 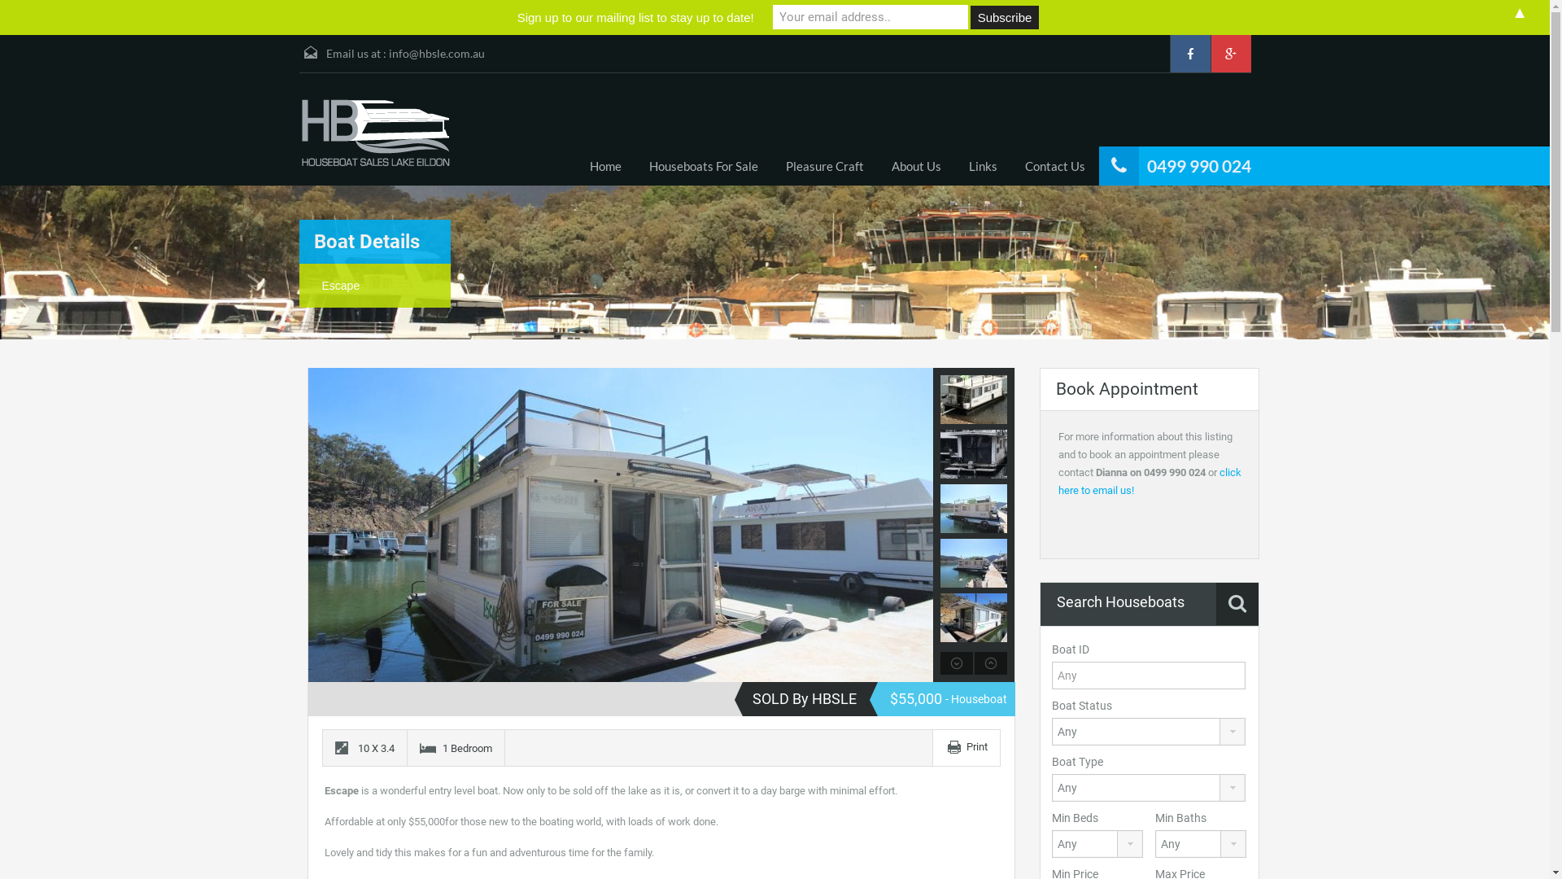 I want to click on 'Contact Us', so click(x=1054, y=166).